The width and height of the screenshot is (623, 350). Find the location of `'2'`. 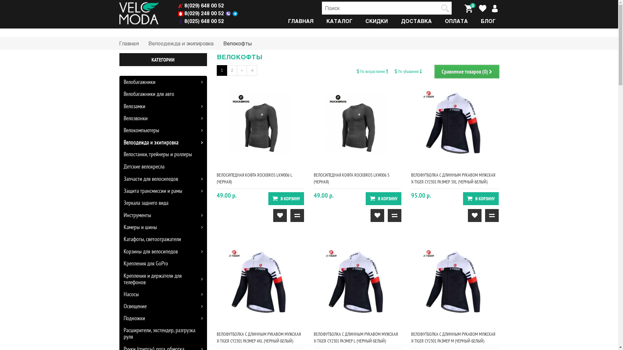

'2' is located at coordinates (232, 70).